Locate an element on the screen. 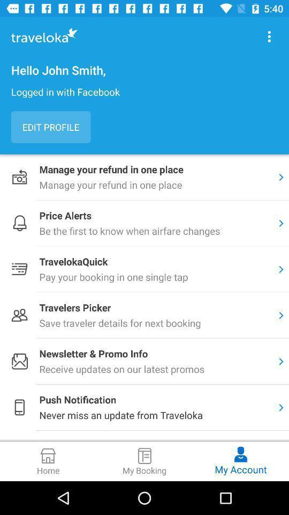 The height and width of the screenshot is (515, 289). the edit profile is located at coordinates (50, 127).